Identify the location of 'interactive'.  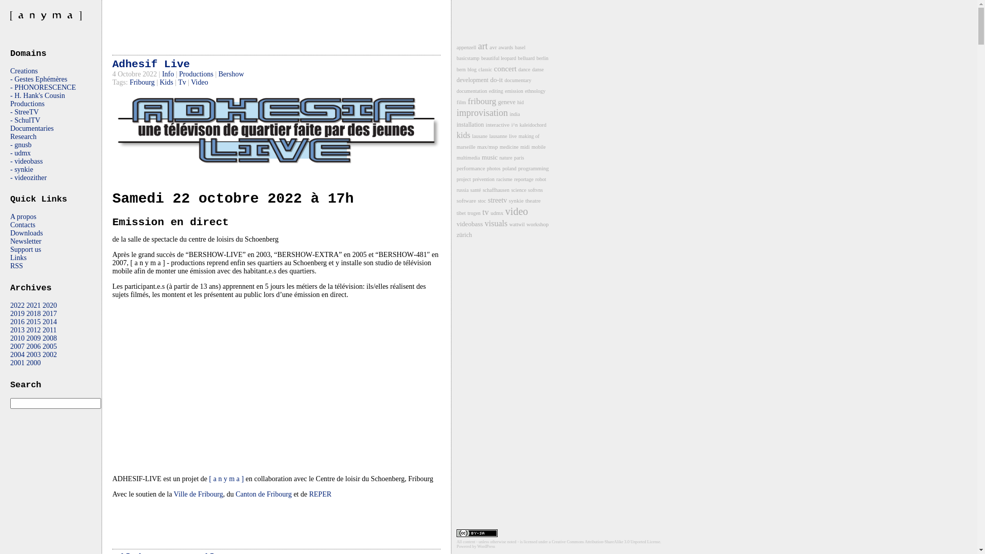
(497, 124).